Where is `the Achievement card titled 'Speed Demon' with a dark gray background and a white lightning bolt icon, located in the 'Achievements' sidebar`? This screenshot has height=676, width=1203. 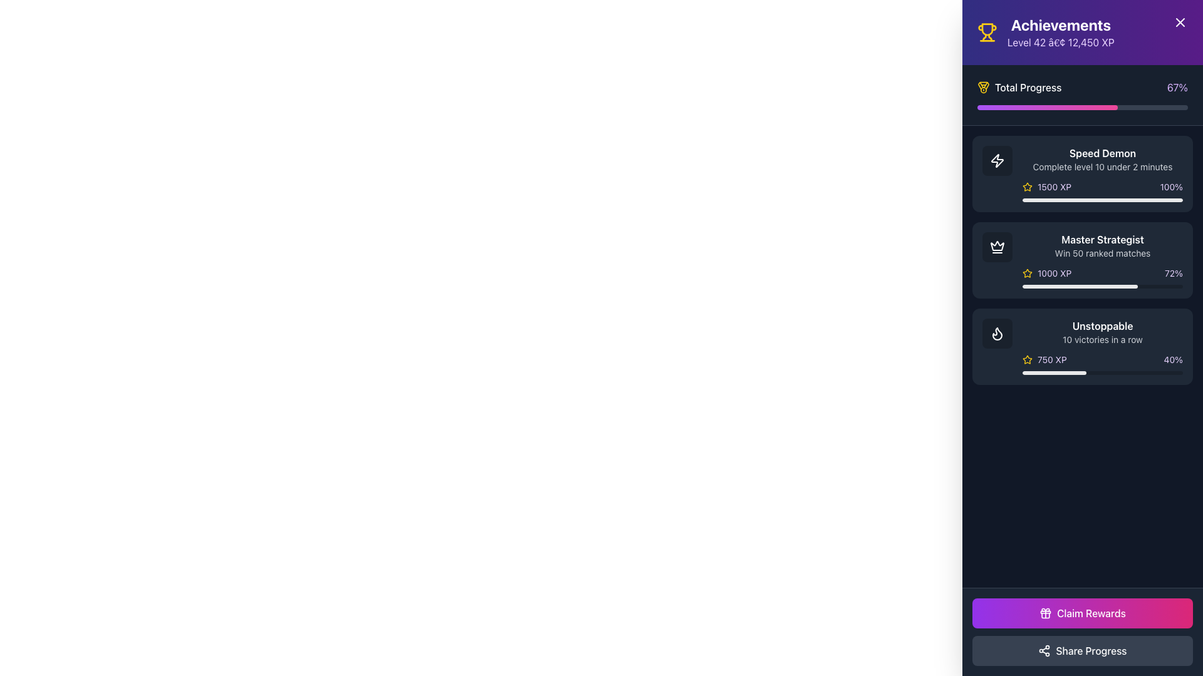 the Achievement card titled 'Speed Demon' with a dark gray background and a white lightning bolt icon, located in the 'Achievements' sidebar is located at coordinates (1082, 173).